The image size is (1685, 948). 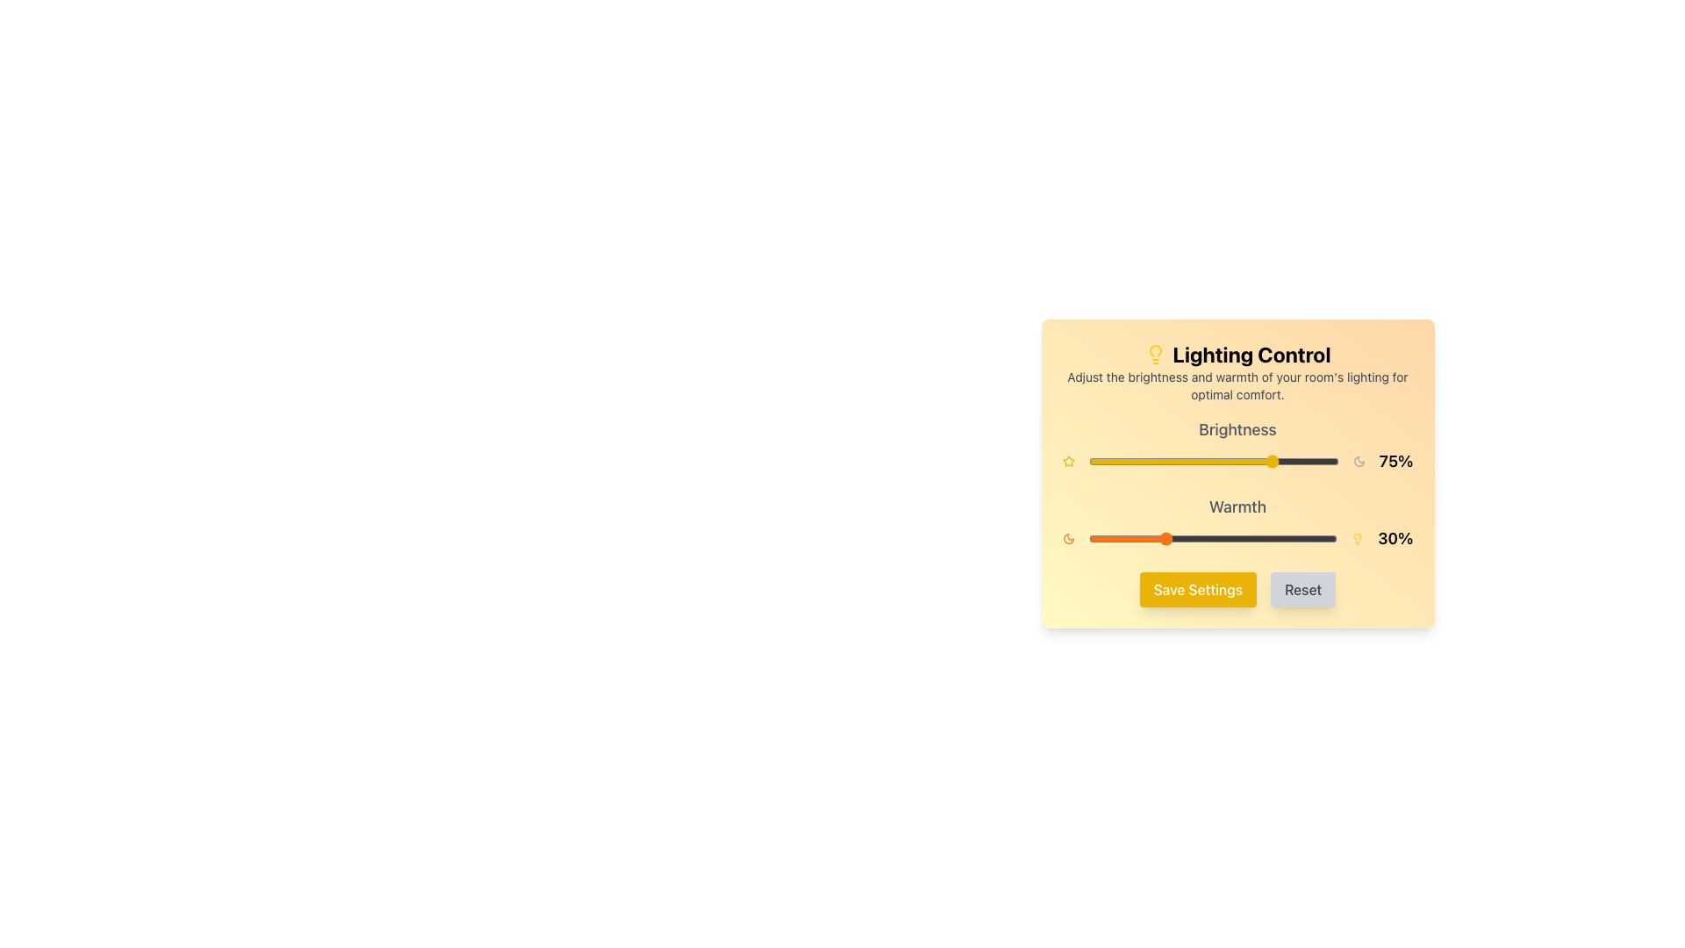 I want to click on the warmth, so click(x=1153, y=537).